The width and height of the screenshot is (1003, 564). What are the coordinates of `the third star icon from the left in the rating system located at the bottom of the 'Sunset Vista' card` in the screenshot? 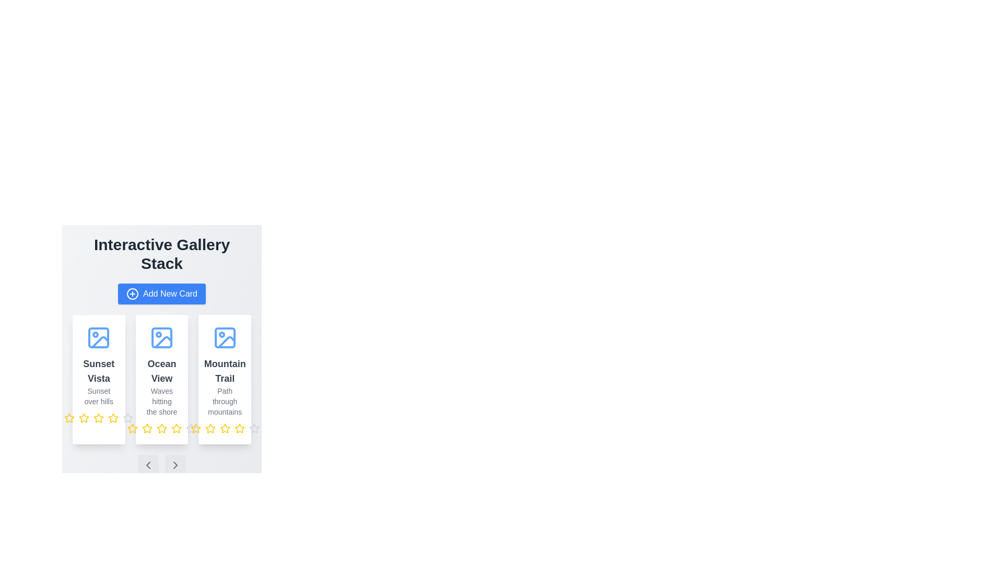 It's located at (99, 418).